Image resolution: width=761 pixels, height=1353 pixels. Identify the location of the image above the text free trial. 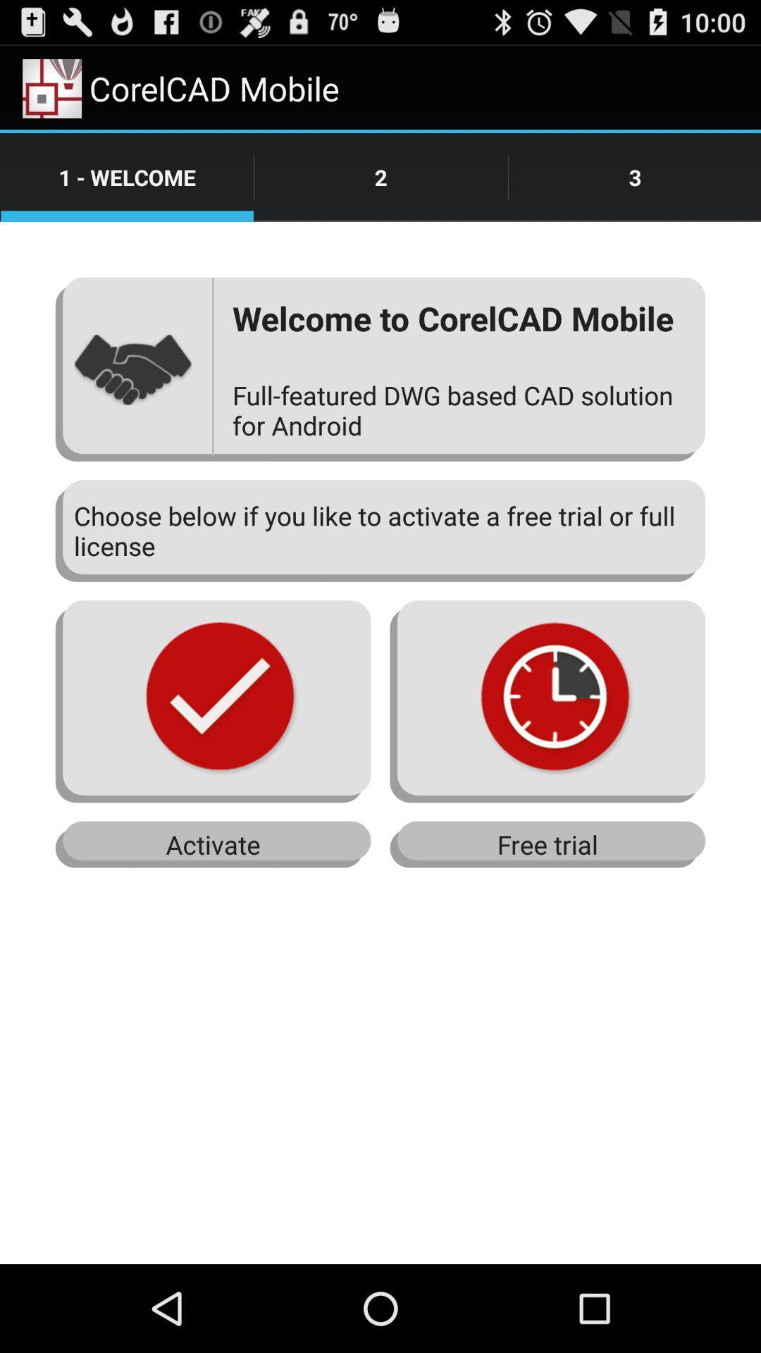
(547, 701).